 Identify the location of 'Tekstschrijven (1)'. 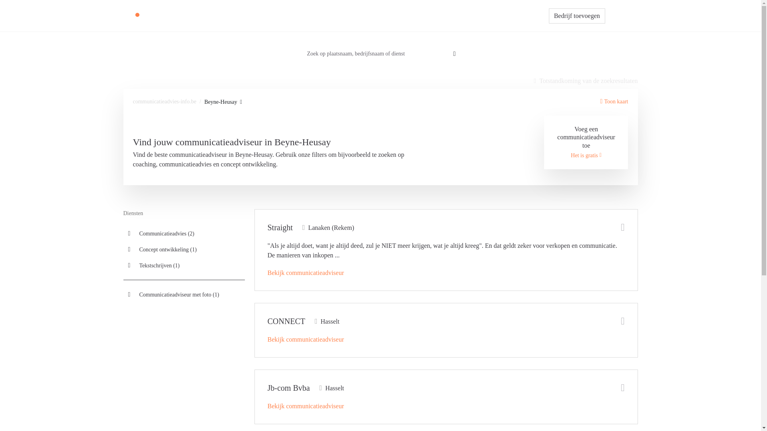
(183, 265).